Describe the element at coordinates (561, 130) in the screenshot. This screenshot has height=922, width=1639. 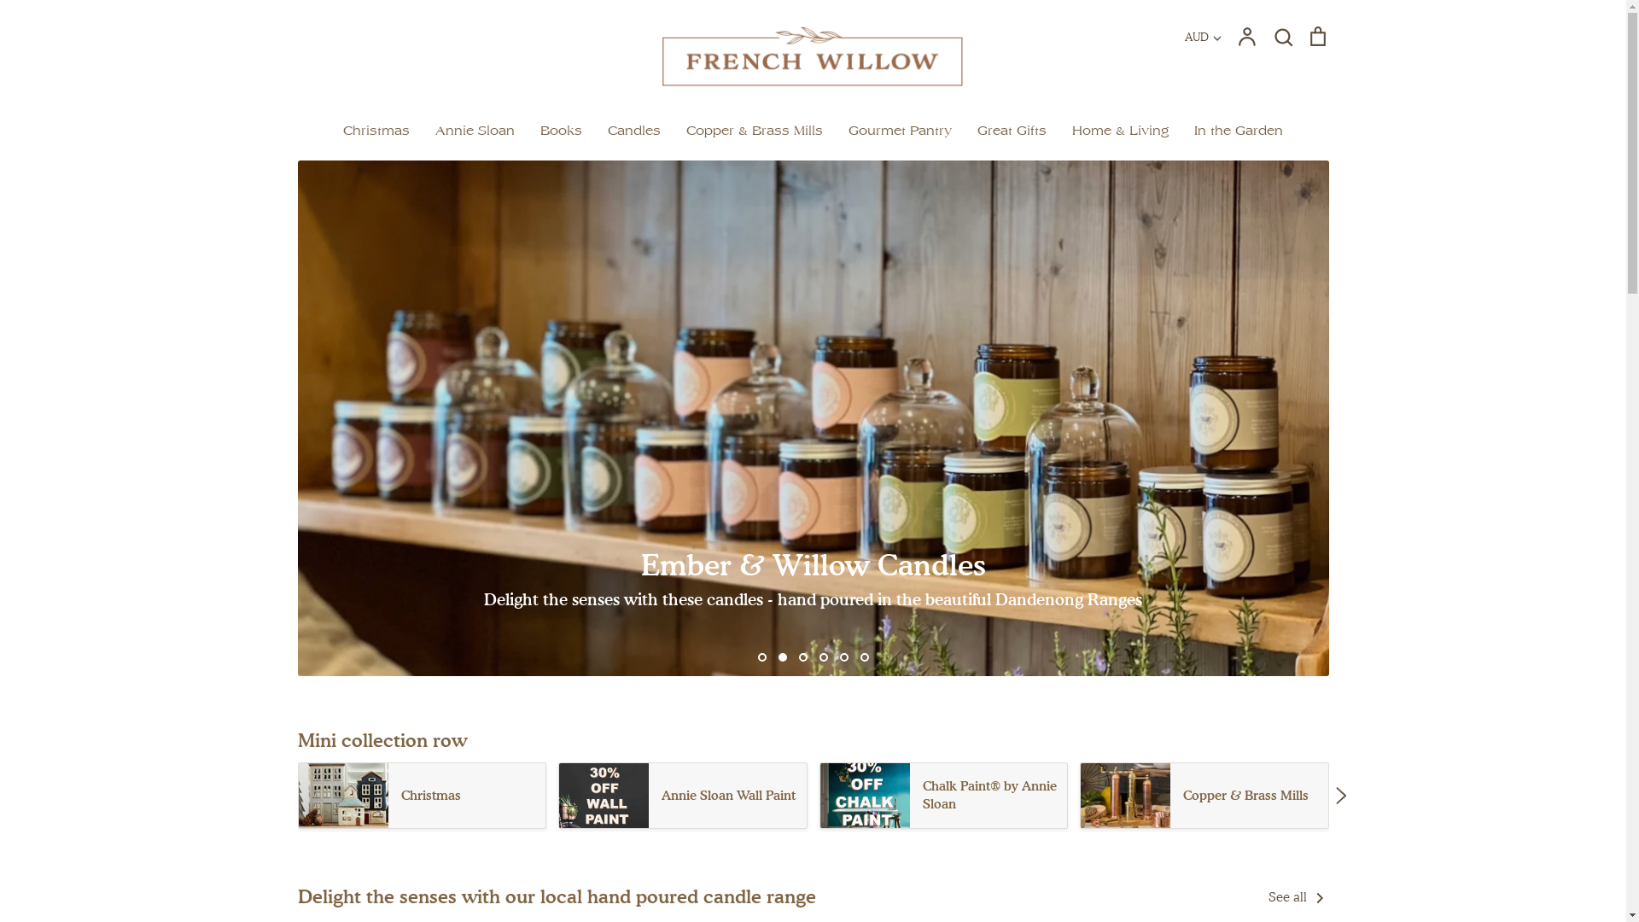
I see `'Books'` at that location.